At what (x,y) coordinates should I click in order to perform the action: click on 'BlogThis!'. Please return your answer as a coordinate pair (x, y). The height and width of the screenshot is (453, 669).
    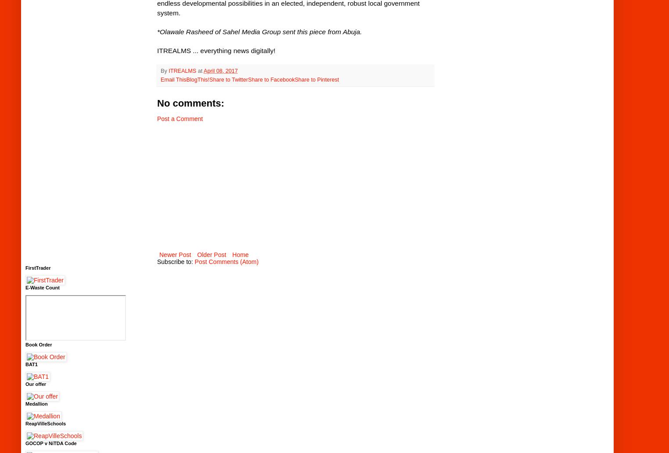
    Looking at the image, I should click on (198, 78).